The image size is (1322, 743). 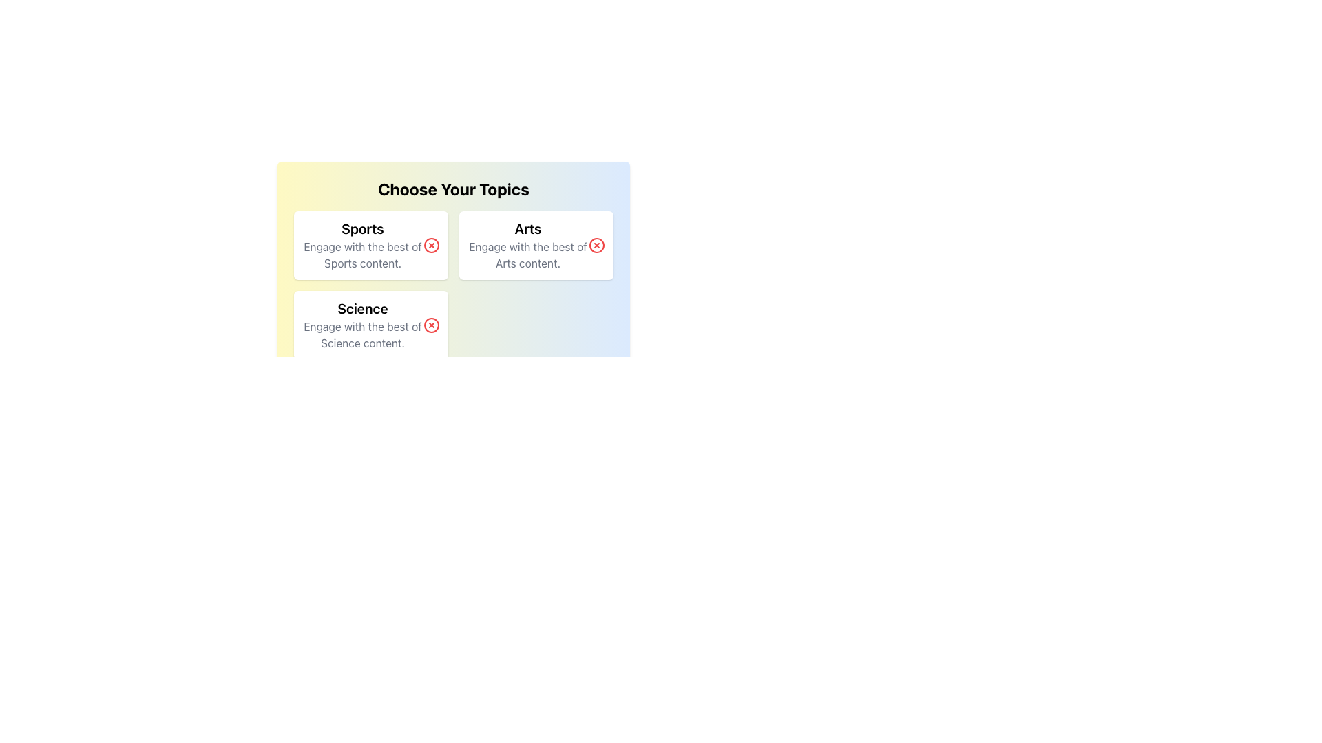 What do you see at coordinates (363, 255) in the screenshot?
I see `descriptive text label located below the bold 'Sports' title in the top-left card of the layout` at bounding box center [363, 255].